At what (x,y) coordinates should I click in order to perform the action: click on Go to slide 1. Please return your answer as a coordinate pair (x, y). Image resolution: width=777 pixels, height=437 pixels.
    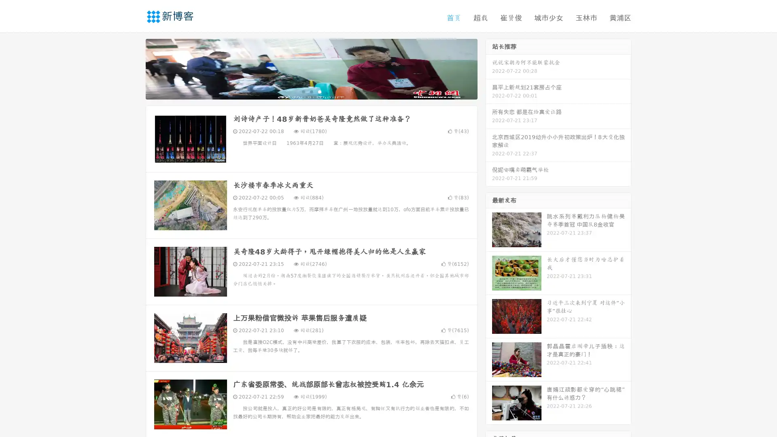
    Looking at the image, I should click on (303, 91).